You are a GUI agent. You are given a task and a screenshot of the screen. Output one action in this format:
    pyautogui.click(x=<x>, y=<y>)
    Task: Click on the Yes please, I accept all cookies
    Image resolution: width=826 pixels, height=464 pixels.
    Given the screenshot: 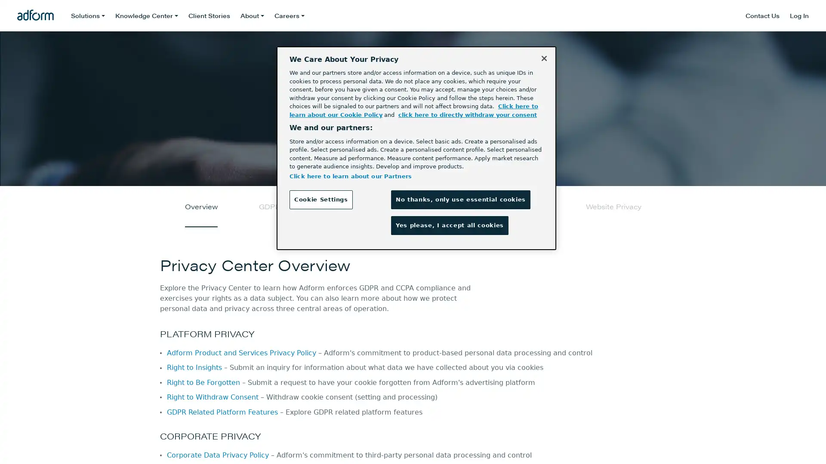 What is the action you would take?
    pyautogui.click(x=449, y=225)
    